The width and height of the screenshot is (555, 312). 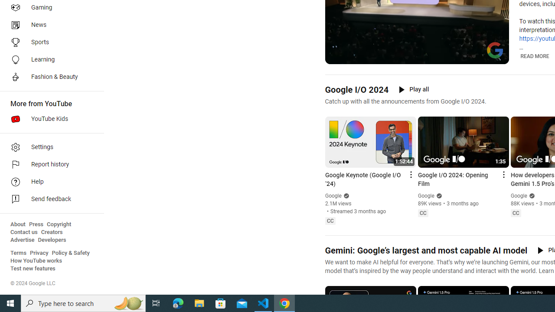 I want to click on 'About', so click(x=18, y=224).